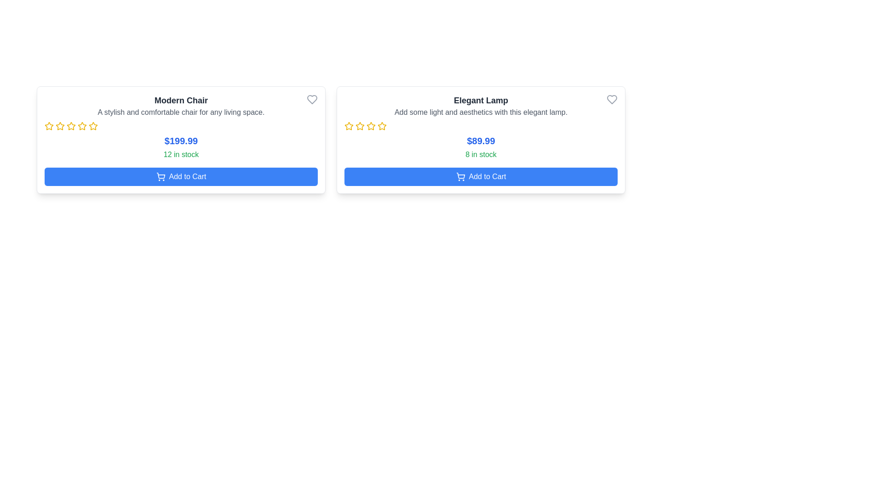 Image resolution: width=883 pixels, height=496 pixels. What do you see at coordinates (481, 126) in the screenshot?
I see `the value of the Rating component represented by visual stars for the 'Elegant Lamp' product, located centrally beneath the tagline and above the price` at bounding box center [481, 126].